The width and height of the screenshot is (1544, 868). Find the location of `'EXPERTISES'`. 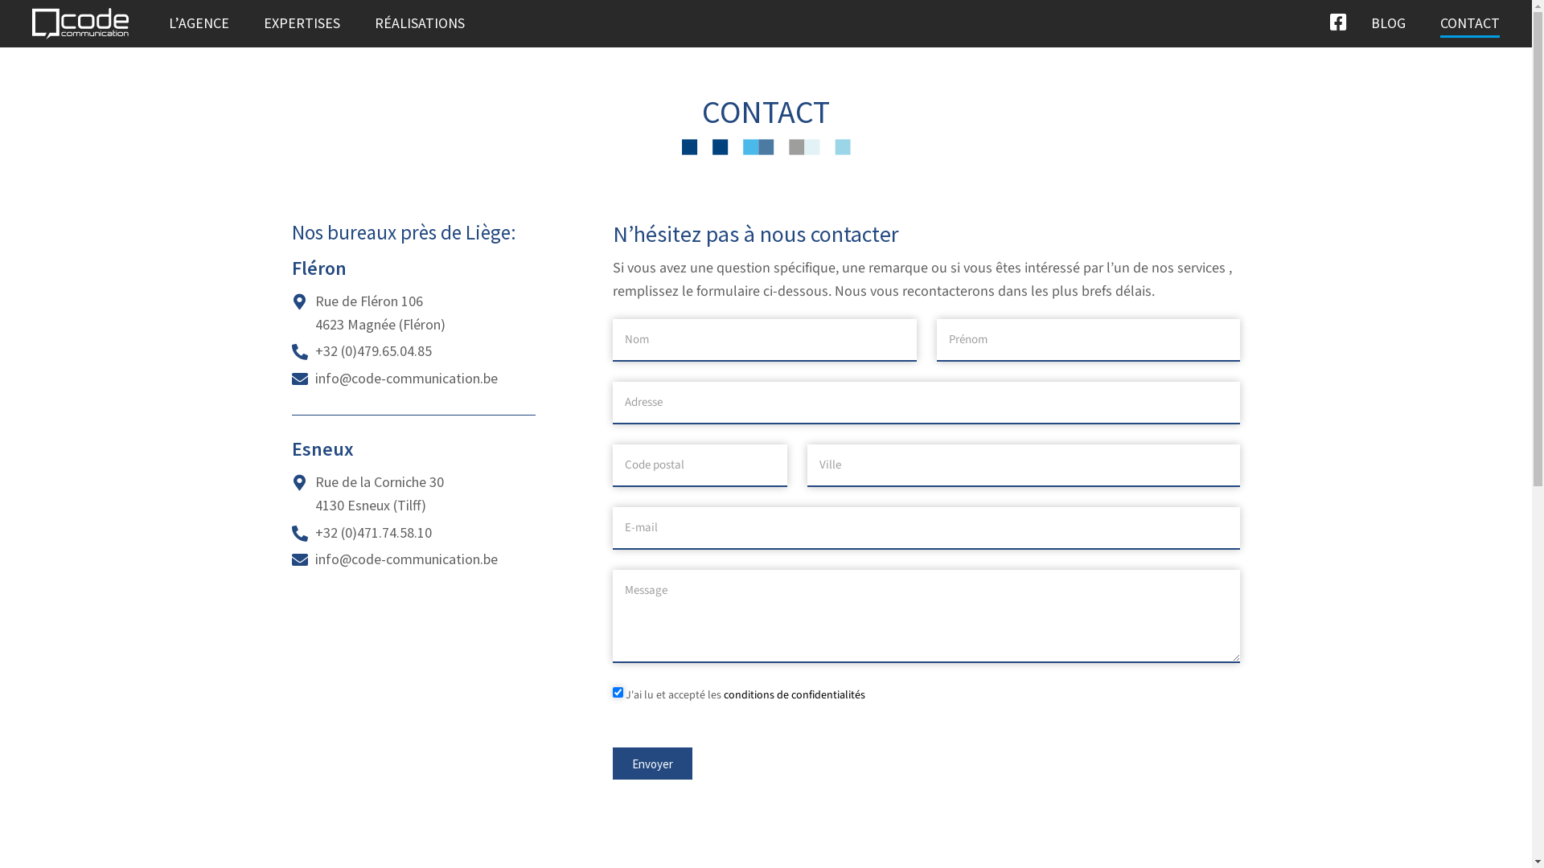

'EXPERTISES' is located at coordinates (302, 23).